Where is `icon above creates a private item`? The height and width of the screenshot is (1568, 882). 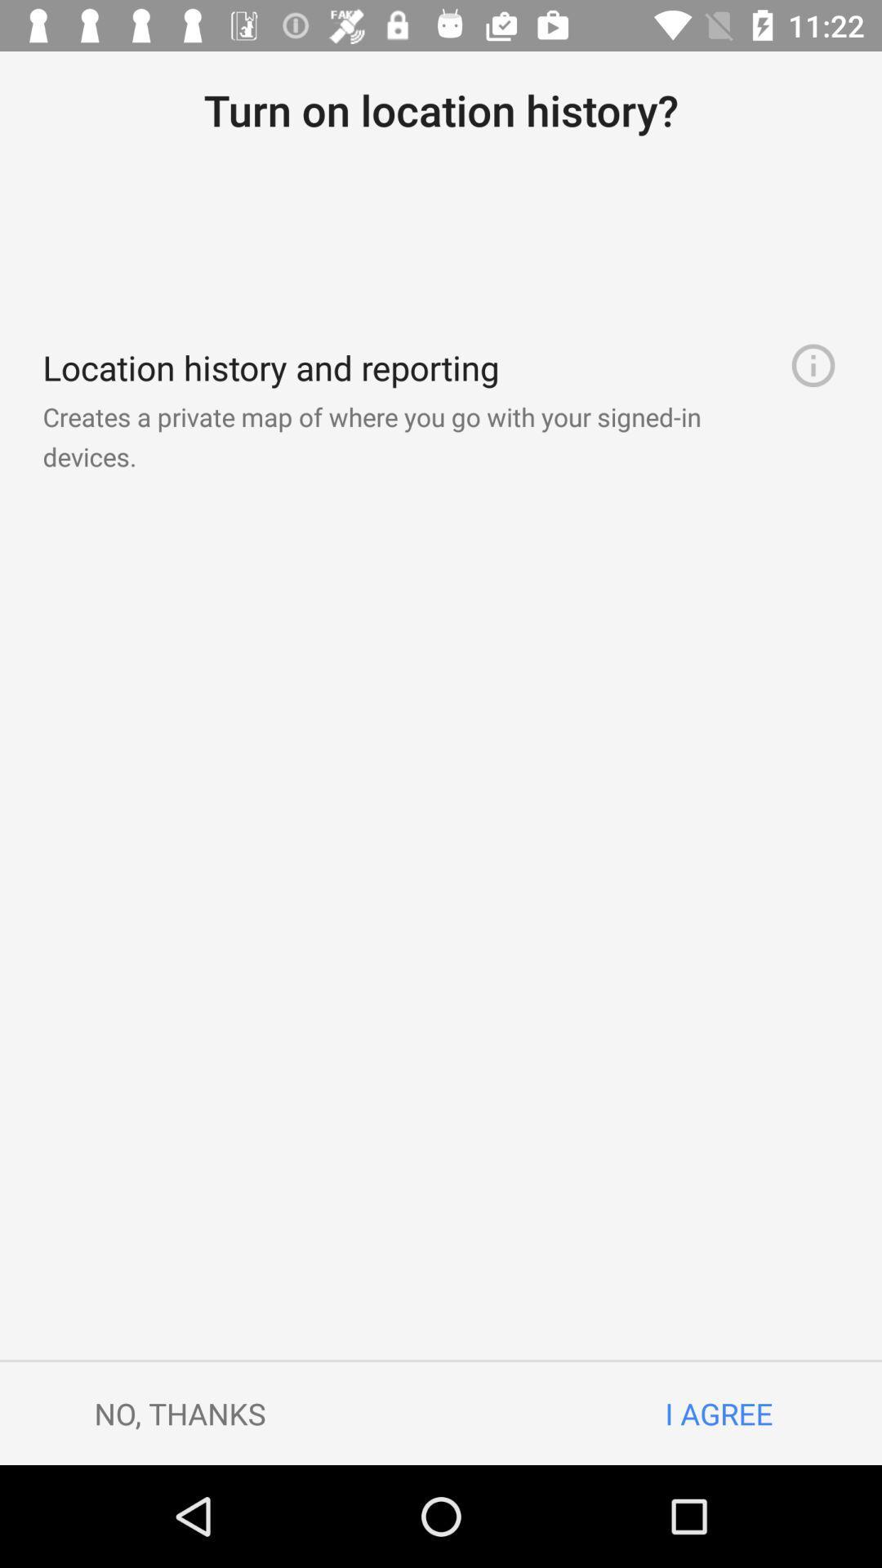 icon above creates a private item is located at coordinates (813, 364).